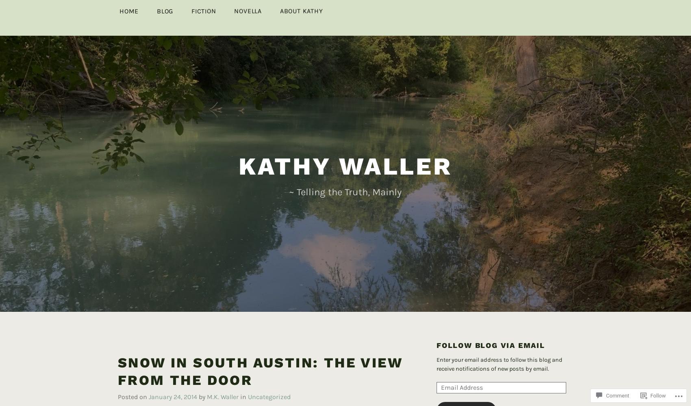  I want to click on 'To the right', so click(260, 399).